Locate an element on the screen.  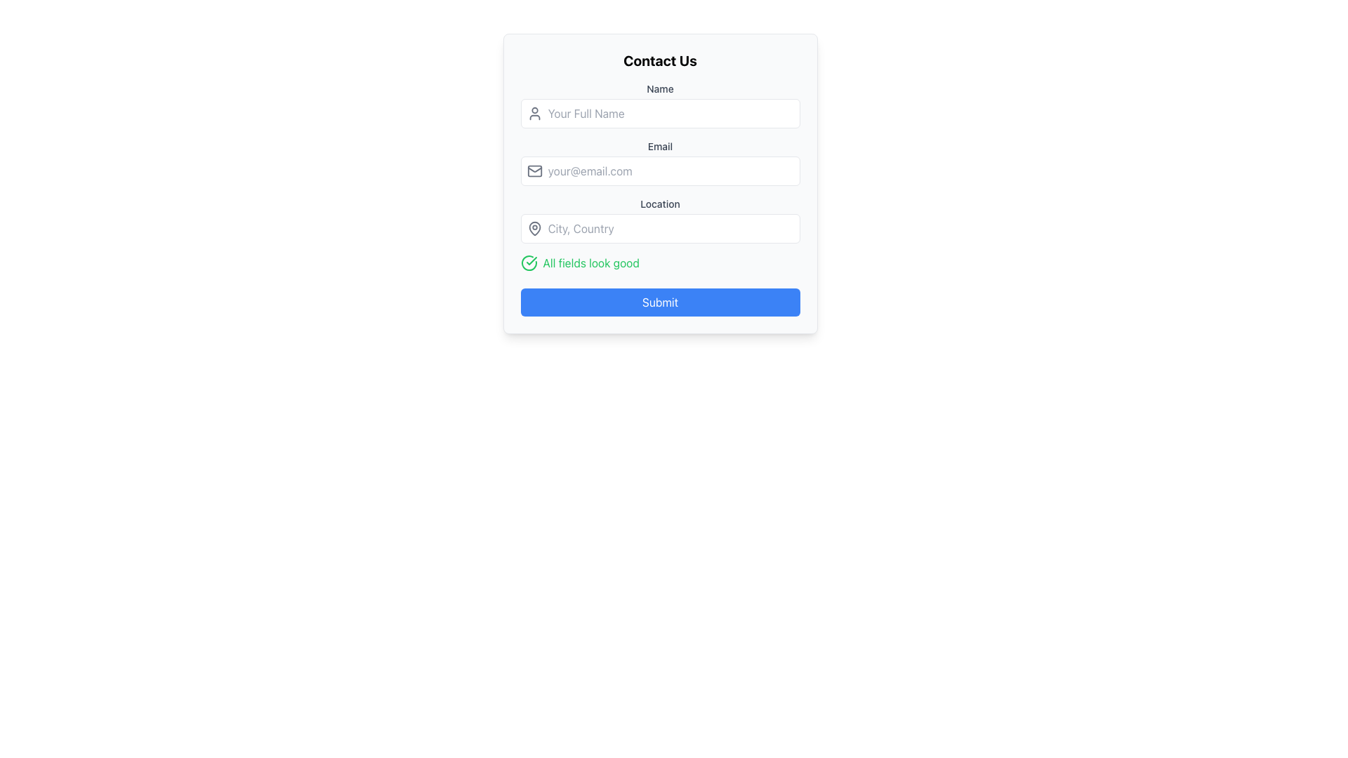
the user icon that is characterized by an outline of a person within a circular shape, styled in grey, located next to the 'Your Full Name' input field is located at coordinates (534, 113).